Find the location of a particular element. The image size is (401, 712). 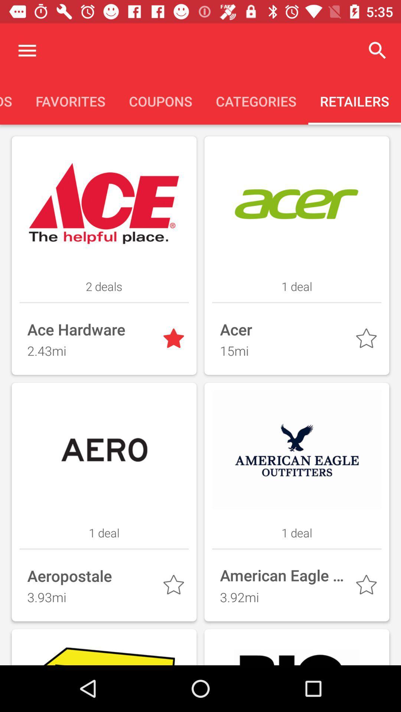

store is located at coordinates (368, 586).